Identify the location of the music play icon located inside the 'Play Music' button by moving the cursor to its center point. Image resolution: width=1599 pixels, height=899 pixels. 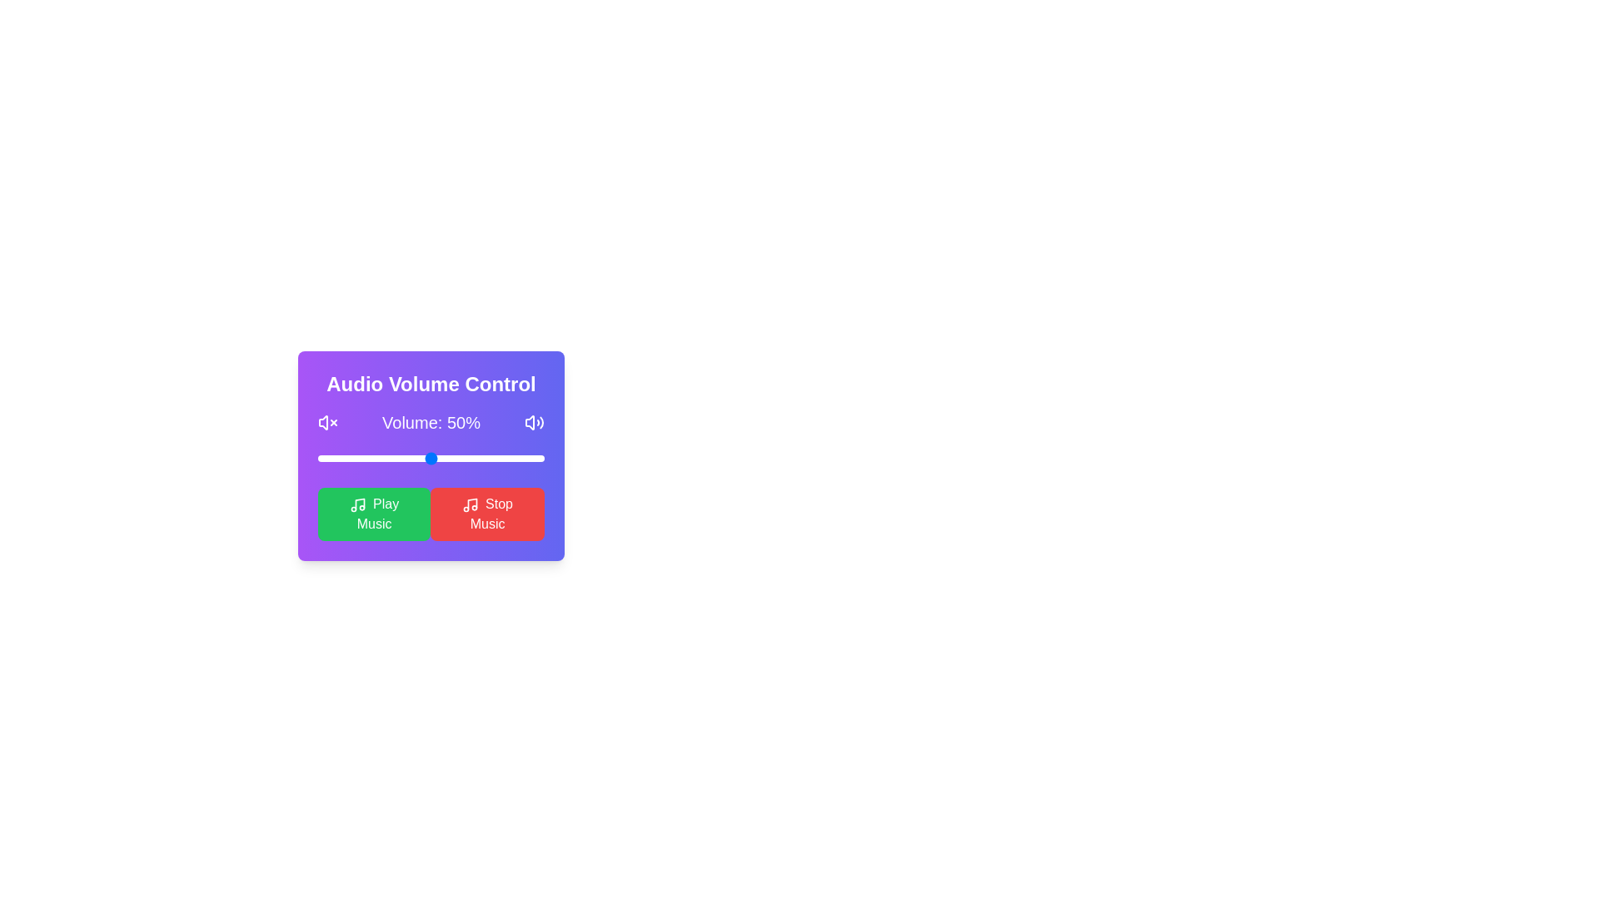
(357, 503).